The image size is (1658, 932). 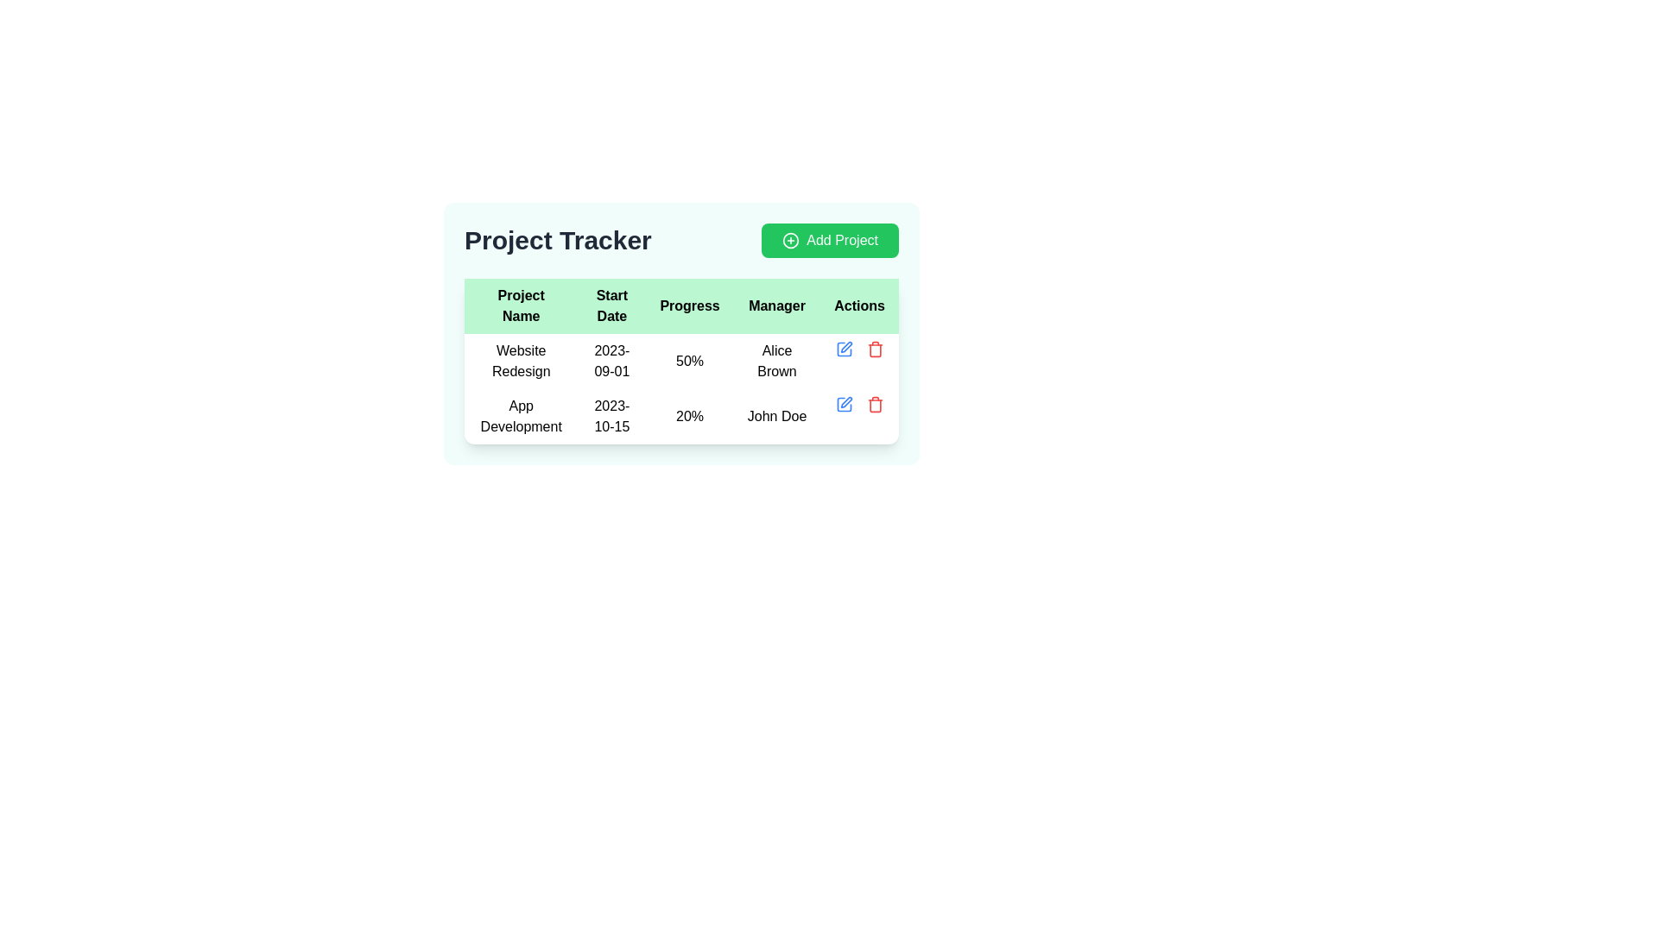 I want to click on the blue edit icon in the horizontal group of interactive icons located in the 'Actions' column of the 'App Development' entry to initiate editing the associated entry, so click(x=859, y=405).